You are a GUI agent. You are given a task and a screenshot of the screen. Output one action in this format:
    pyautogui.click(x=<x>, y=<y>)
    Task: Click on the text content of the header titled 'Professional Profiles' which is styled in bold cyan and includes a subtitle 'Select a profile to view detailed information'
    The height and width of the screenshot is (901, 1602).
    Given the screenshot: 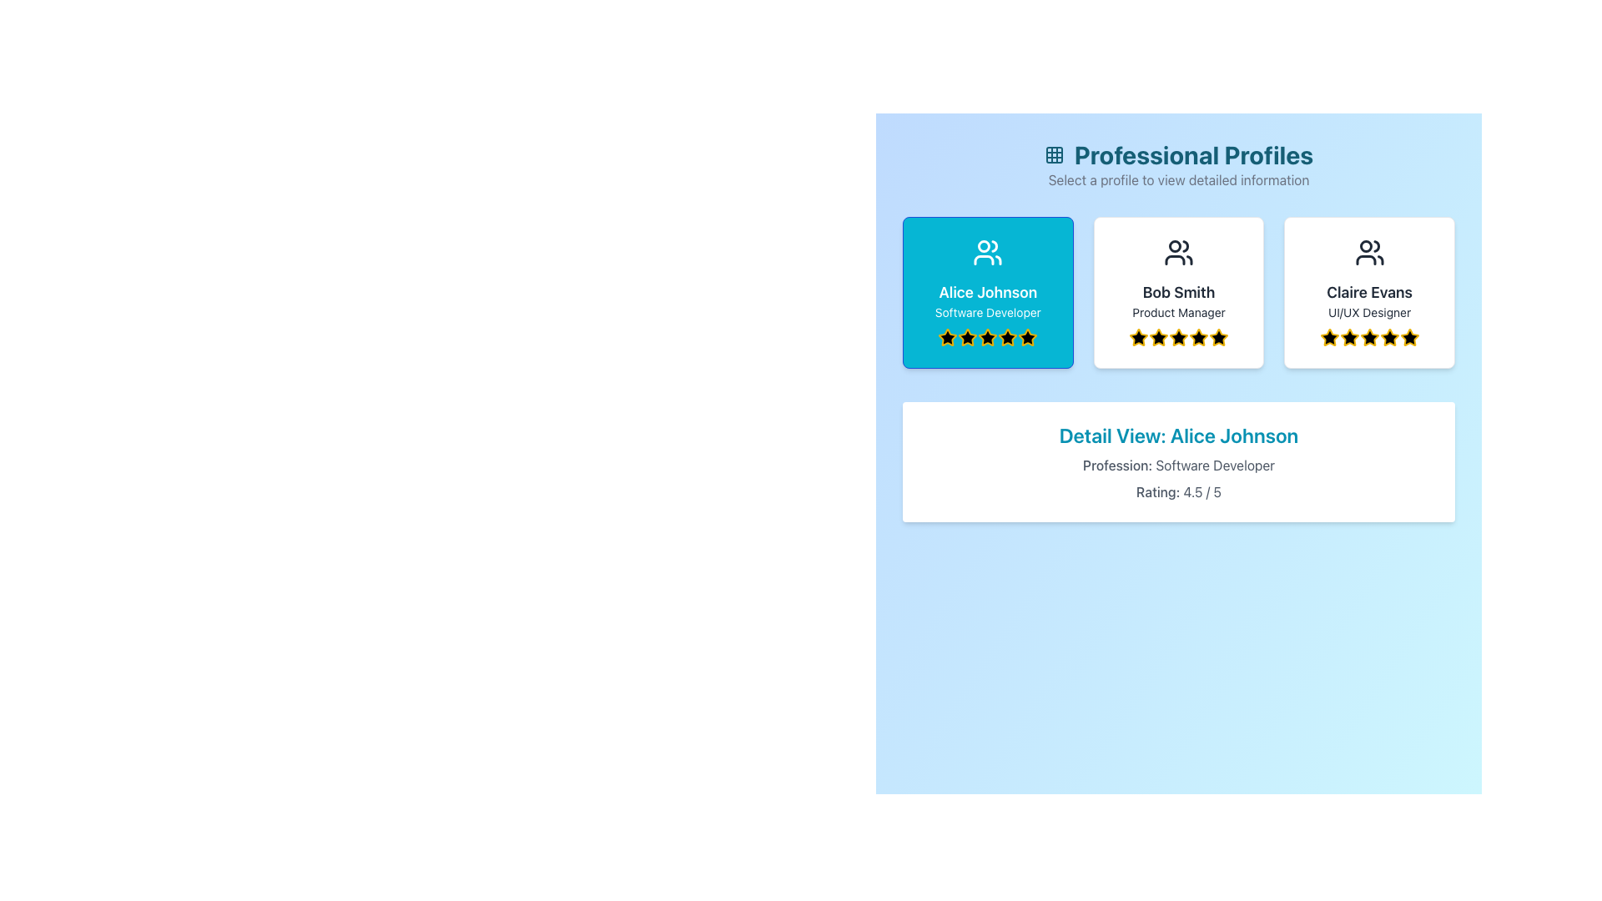 What is the action you would take?
    pyautogui.click(x=1177, y=164)
    